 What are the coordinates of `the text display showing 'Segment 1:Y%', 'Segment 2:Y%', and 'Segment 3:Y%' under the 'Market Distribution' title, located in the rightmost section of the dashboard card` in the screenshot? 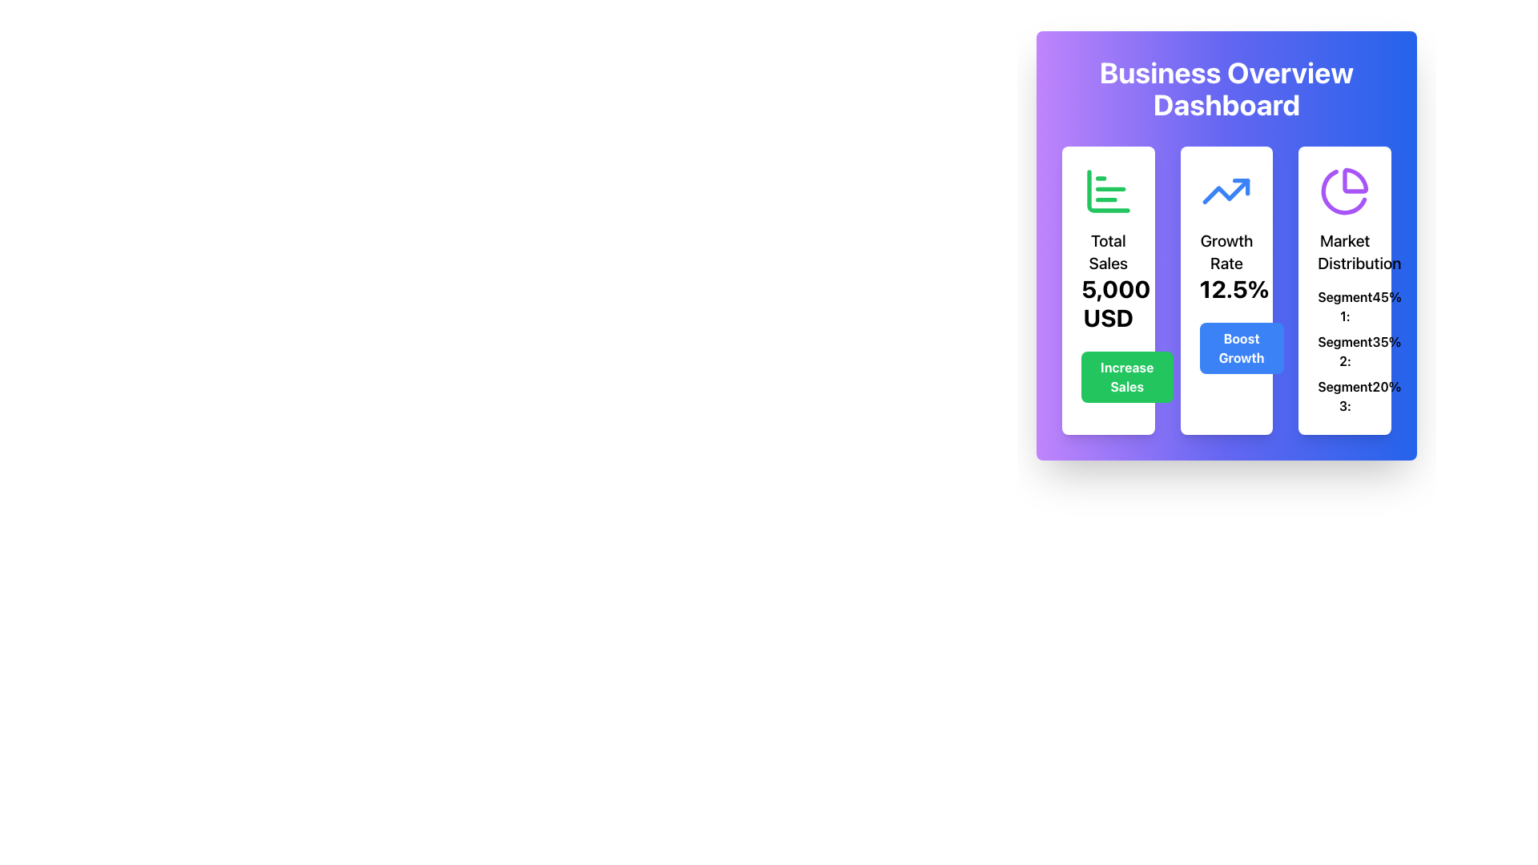 It's located at (1345, 351).